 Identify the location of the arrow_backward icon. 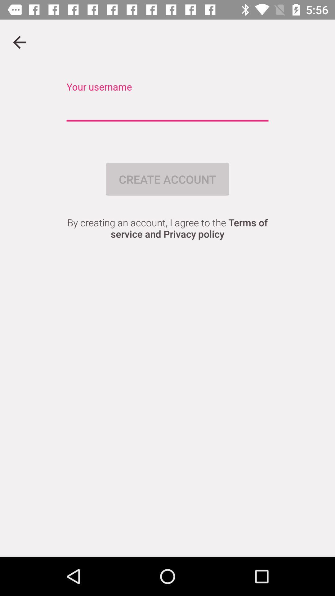
(19, 42).